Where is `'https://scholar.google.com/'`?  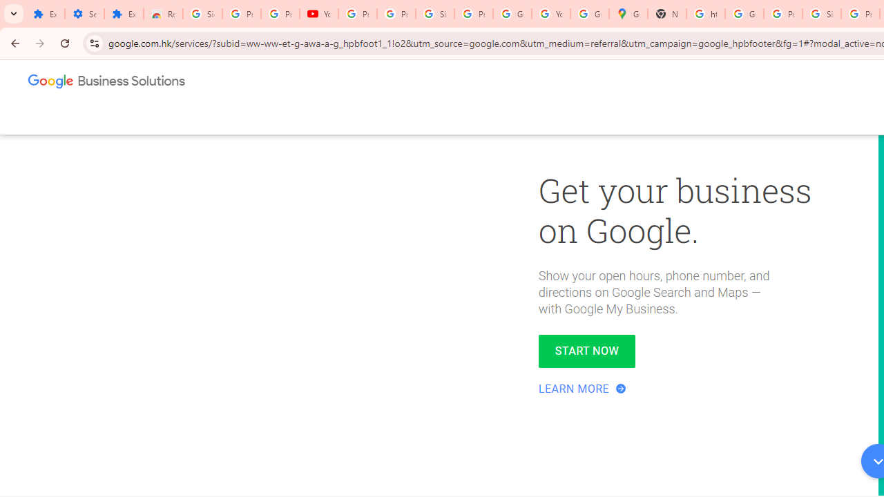 'https://scholar.google.com/' is located at coordinates (706, 14).